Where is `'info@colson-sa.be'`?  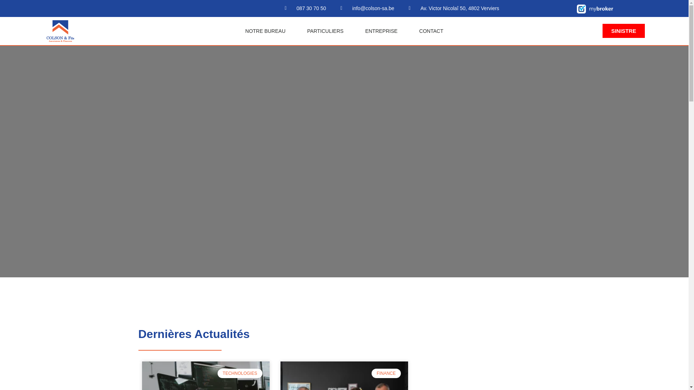 'info@colson-sa.be' is located at coordinates (367, 8).